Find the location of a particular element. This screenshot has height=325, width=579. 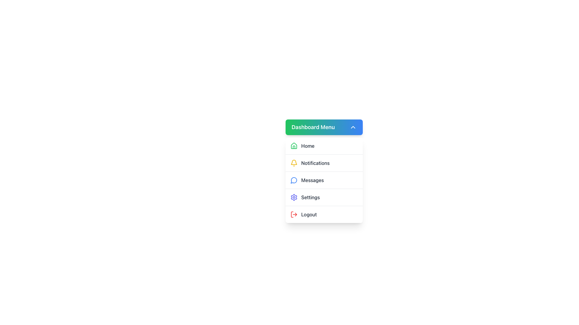

to select the 'Notifications' menu item, which features bold text and a yellow bell icon, located in a dropdown menu below 'Home' and above 'Messages' is located at coordinates (324, 162).